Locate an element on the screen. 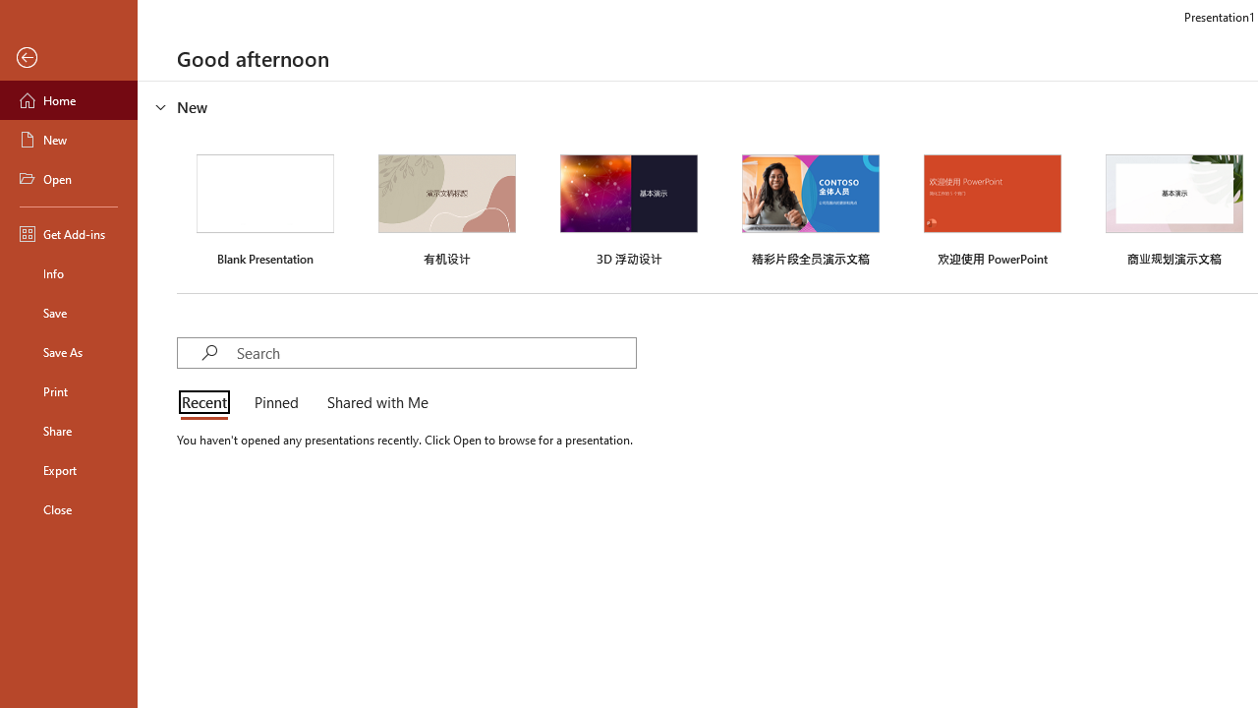  'Get Add-ins' is located at coordinates (68, 232).